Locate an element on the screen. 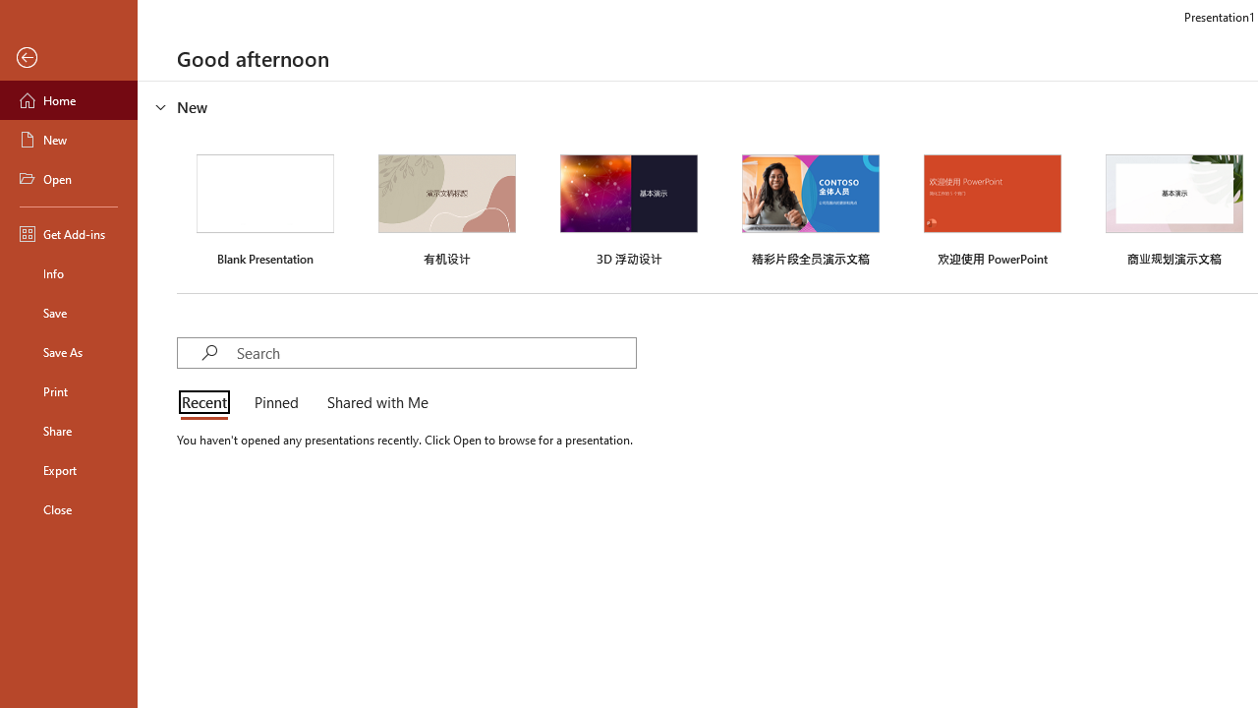  'Get Add-ins' is located at coordinates (68, 232).